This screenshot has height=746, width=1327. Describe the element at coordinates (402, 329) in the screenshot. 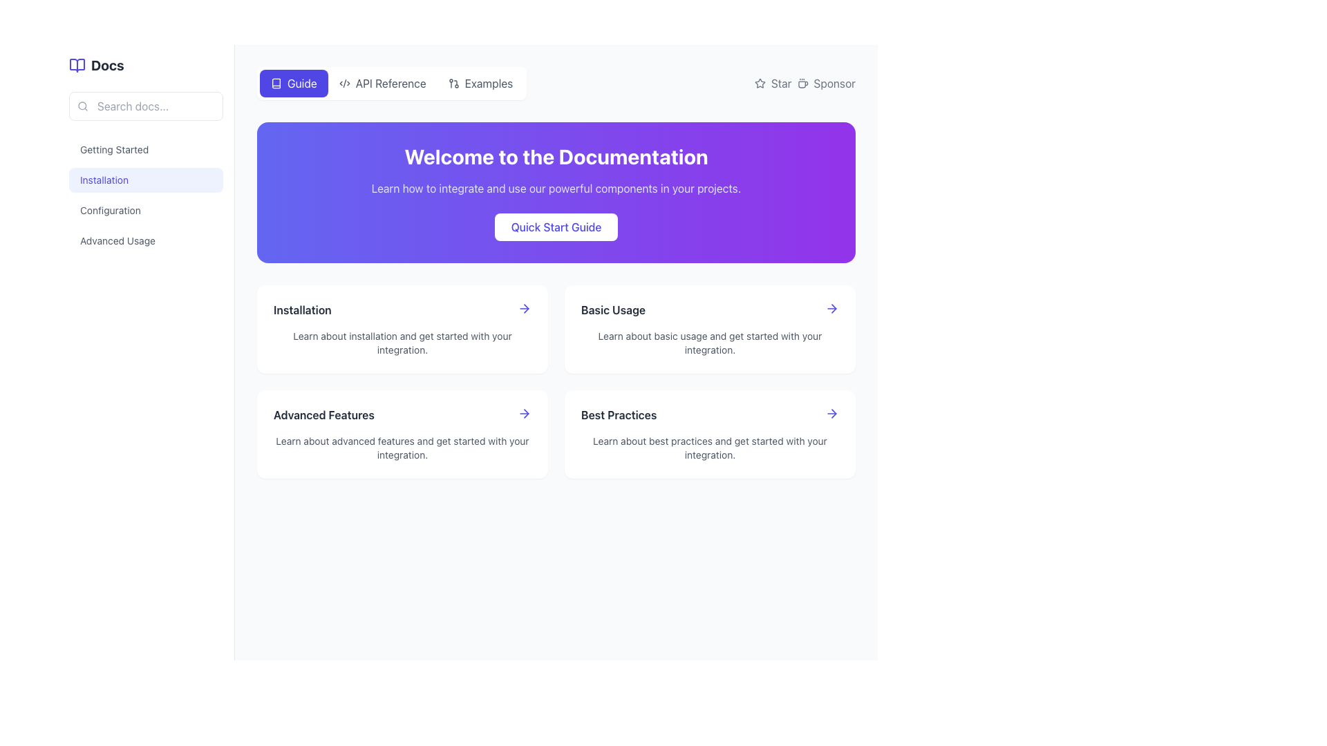

I see `title of the installation overview card located in the top-left section of the four-card grid layout` at that location.